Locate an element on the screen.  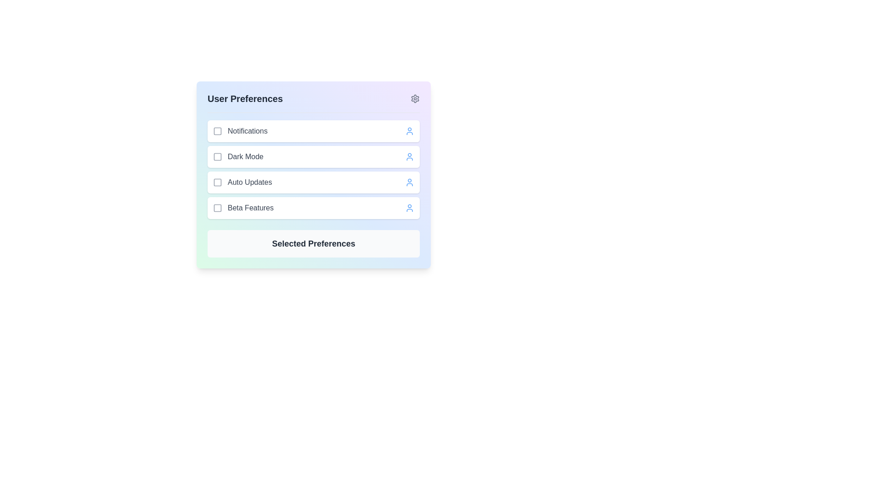
the icon associated with user-related settings for the 'Auto Updates' feature, located to the right of the 'Auto Updates' text is located at coordinates (409, 182).